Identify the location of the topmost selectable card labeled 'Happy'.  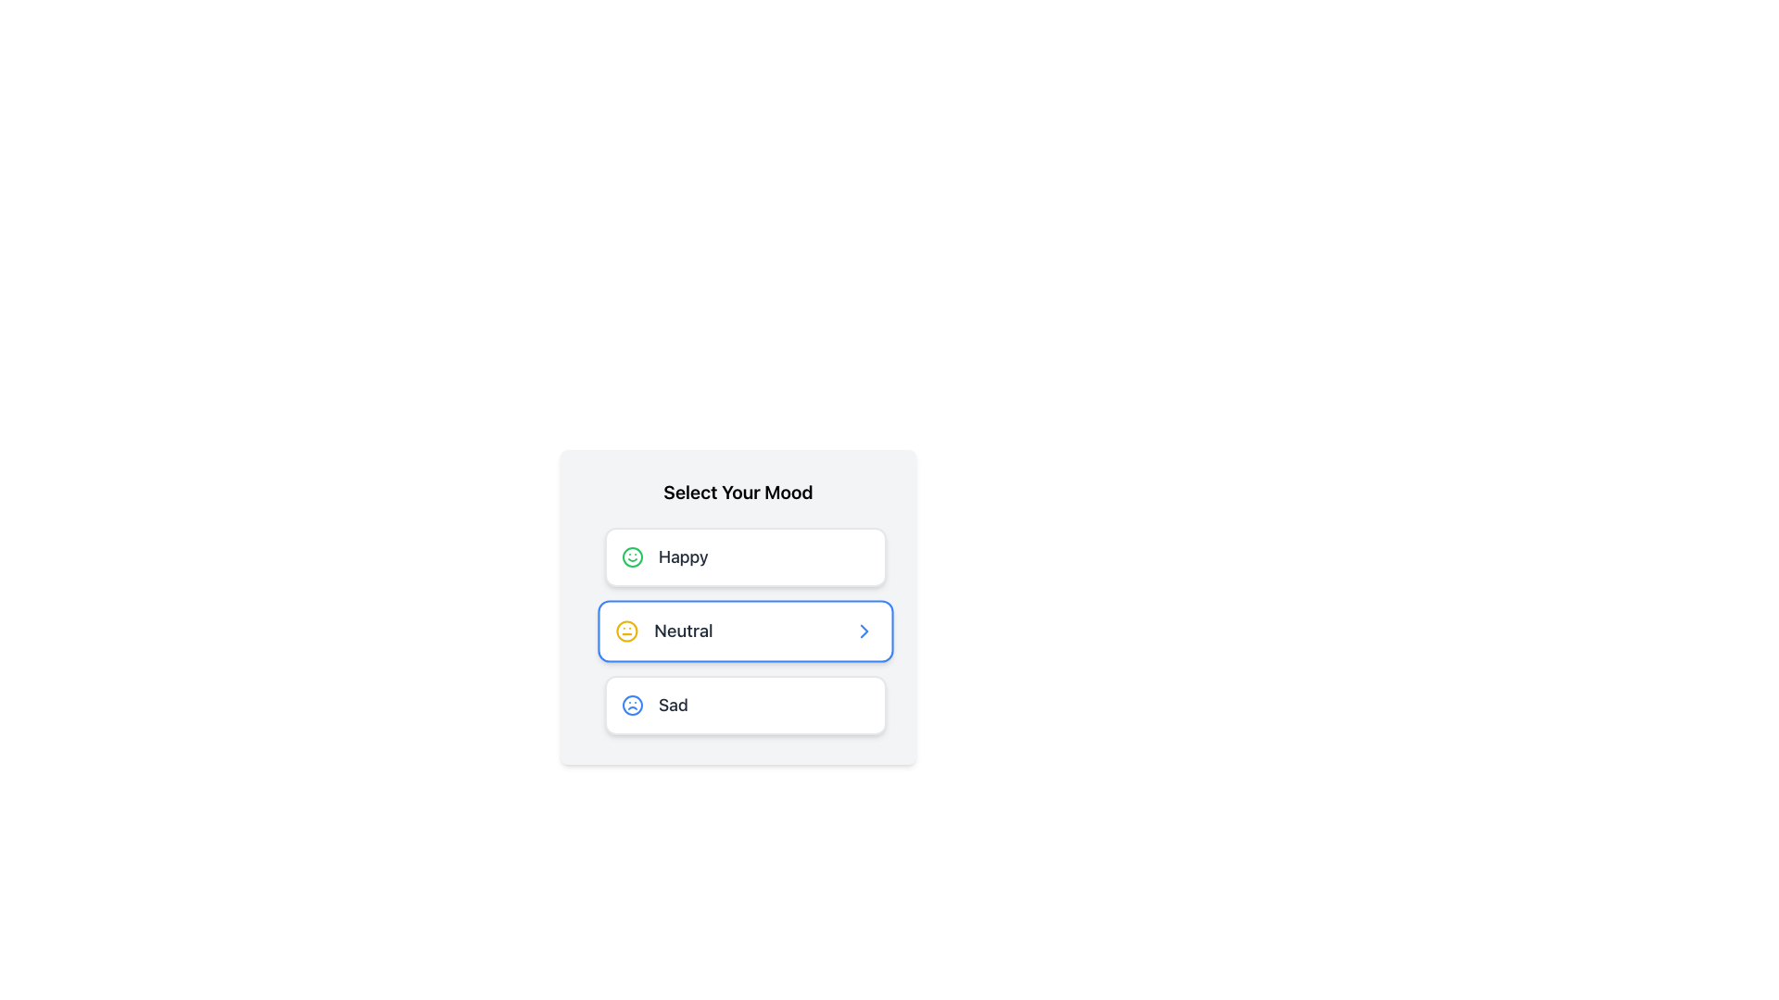
(737, 556).